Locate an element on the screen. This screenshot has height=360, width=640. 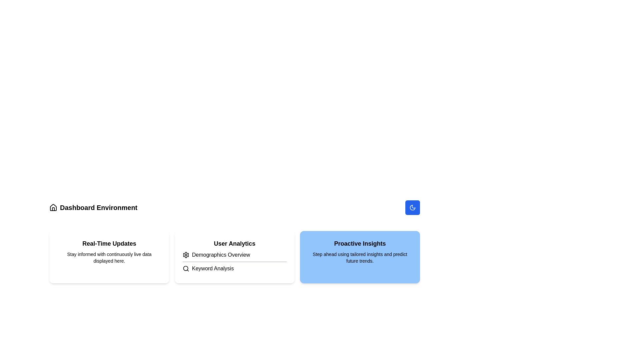
the circular Icon component within the magnifying glass SVG illustration, which is designed to indicate a search function is located at coordinates (186, 268).